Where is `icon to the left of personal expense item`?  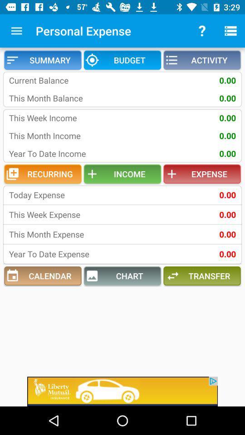 icon to the left of personal expense item is located at coordinates (16, 31).